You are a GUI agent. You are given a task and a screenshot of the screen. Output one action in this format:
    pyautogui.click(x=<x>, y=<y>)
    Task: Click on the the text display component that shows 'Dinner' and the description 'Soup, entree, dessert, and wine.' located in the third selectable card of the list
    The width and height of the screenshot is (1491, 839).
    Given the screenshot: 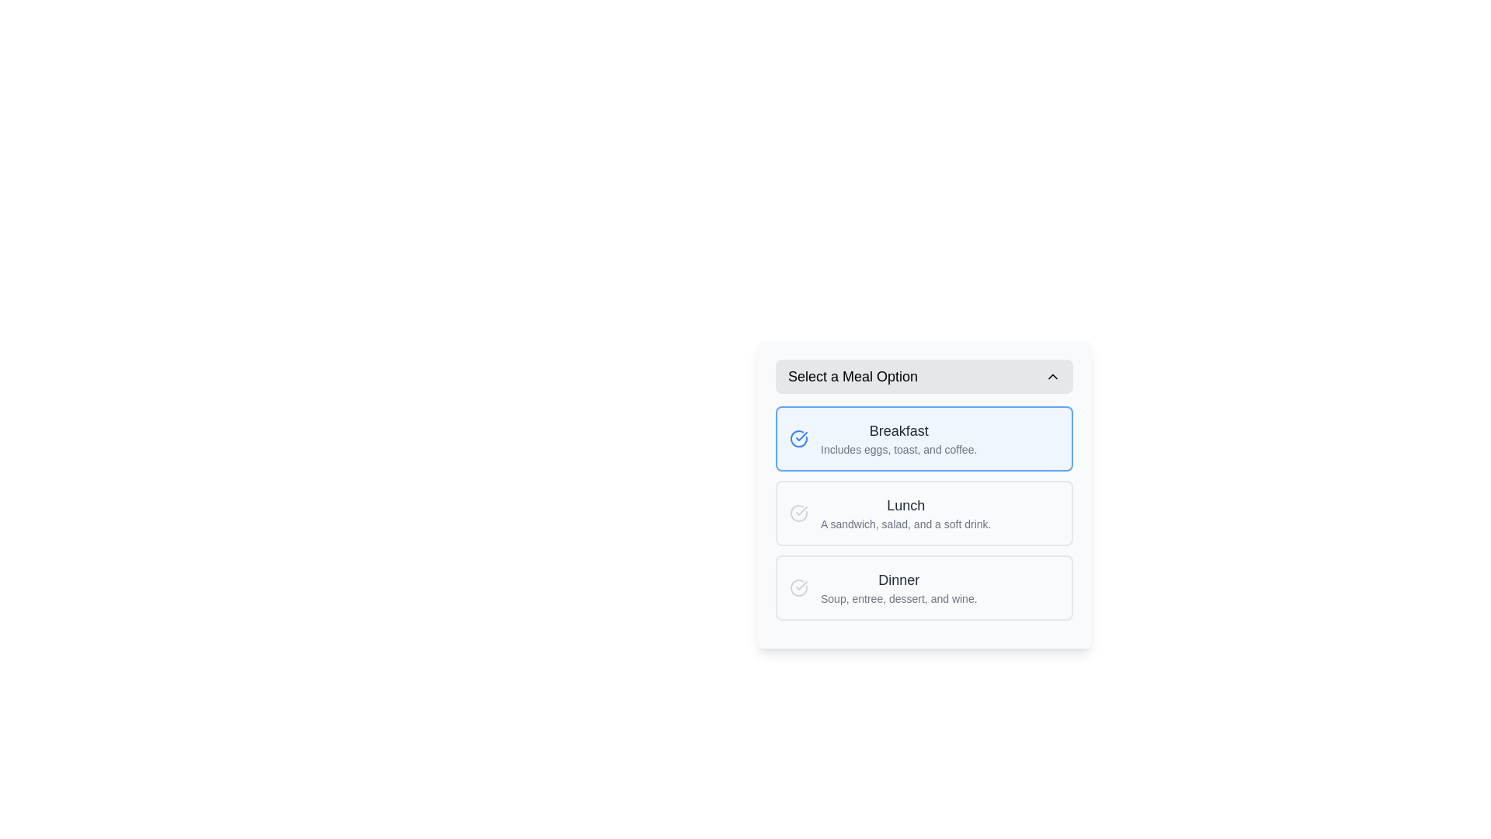 What is the action you would take?
    pyautogui.click(x=898, y=587)
    